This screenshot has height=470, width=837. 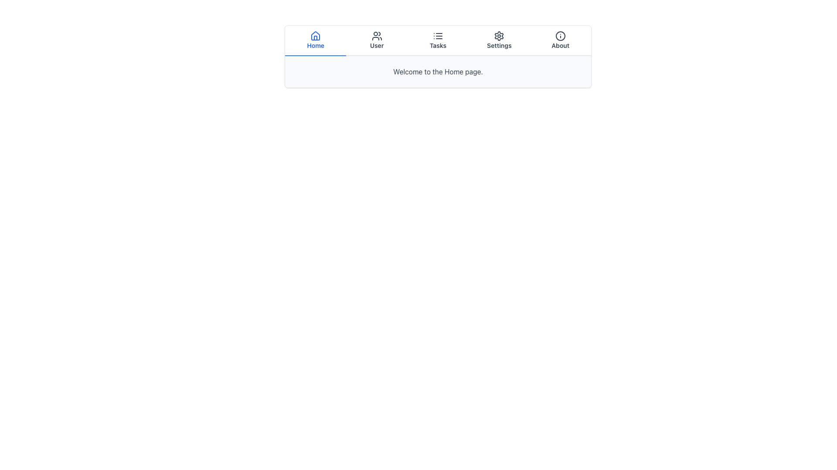 I want to click on the Navigation Button, which is the third item from the left in the navigation bar, so click(x=438, y=40).